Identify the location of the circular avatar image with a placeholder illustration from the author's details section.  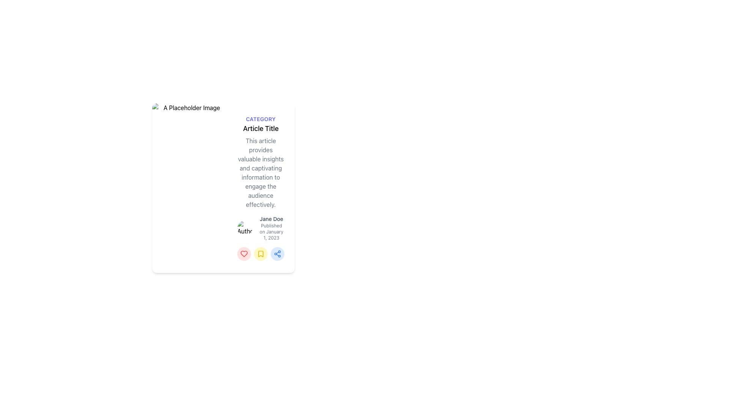
(245, 227).